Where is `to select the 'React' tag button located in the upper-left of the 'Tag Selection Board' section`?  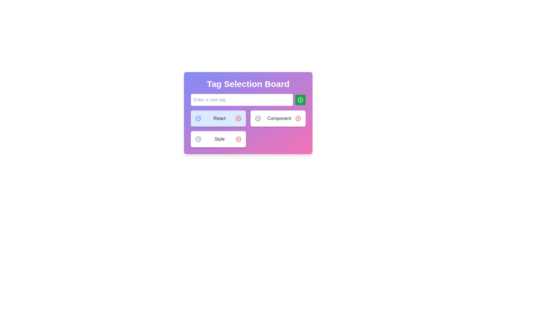
to select the 'React' tag button located in the upper-left of the 'Tag Selection Board' section is located at coordinates (218, 118).